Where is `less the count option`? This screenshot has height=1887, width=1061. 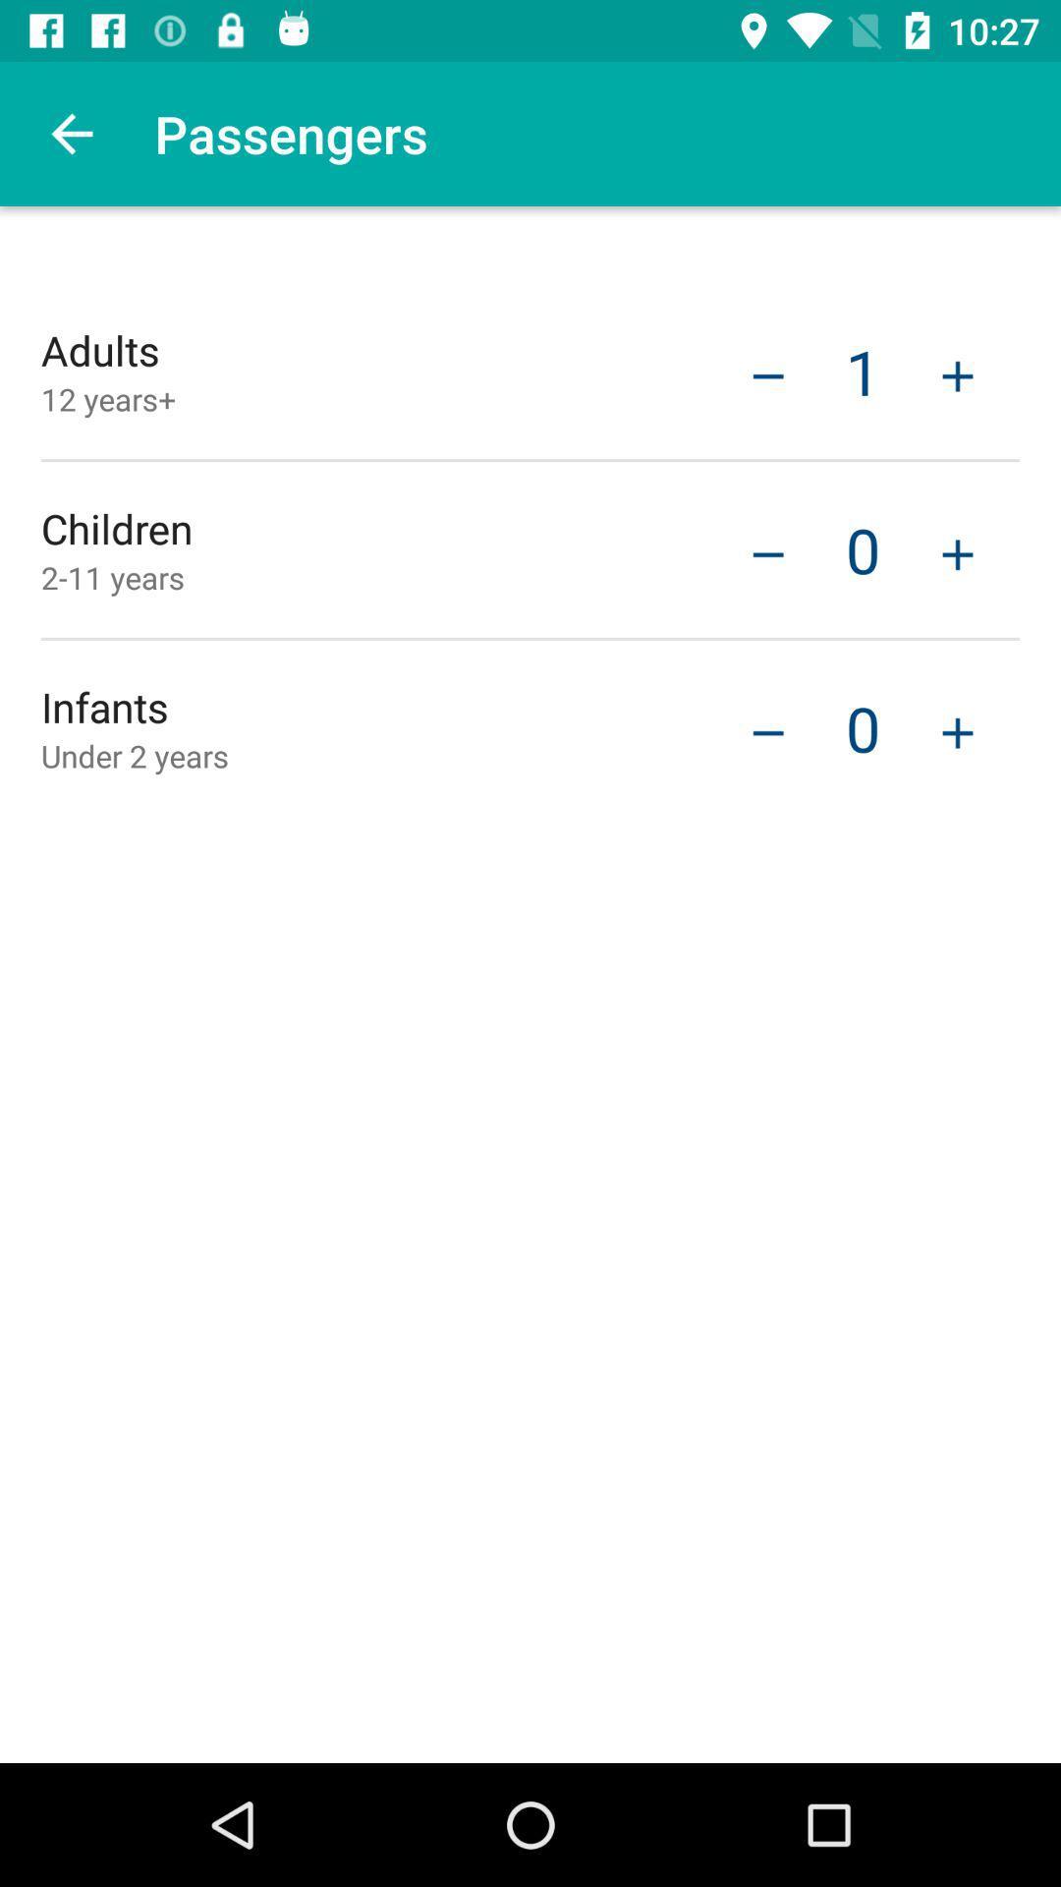 less the count option is located at coordinates (767, 729).